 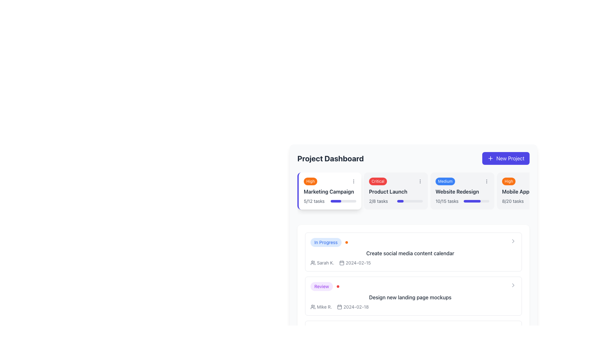 I want to click on the user information icon representing 'Mike R.' located in the lower section of the interface, next to the text 'Mike R.', so click(x=313, y=306).